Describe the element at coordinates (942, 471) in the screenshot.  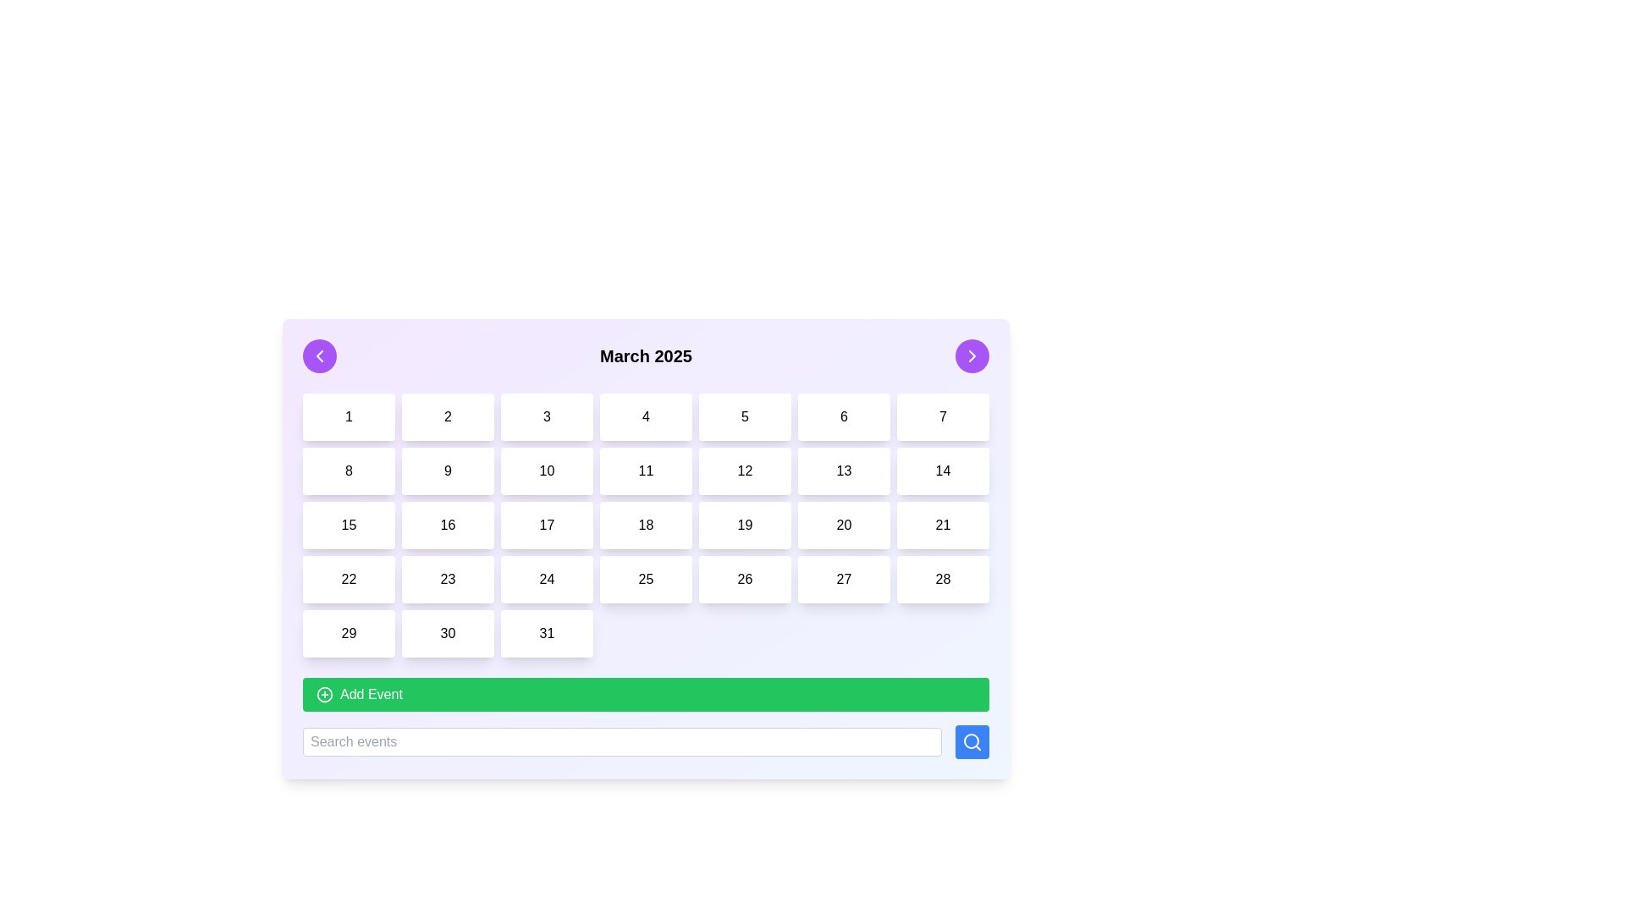
I see `the Calendar Day Cell representing the date '14' located in the second row and seventh column of the calendar layout` at that location.